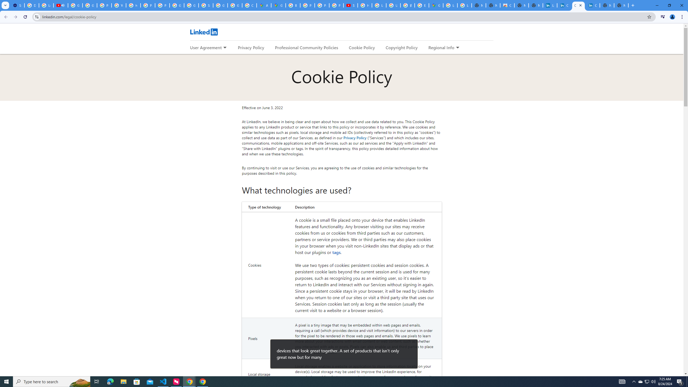 Image resolution: width=688 pixels, height=387 pixels. I want to click on 'Sign in - Google Accounts', so click(206, 5).